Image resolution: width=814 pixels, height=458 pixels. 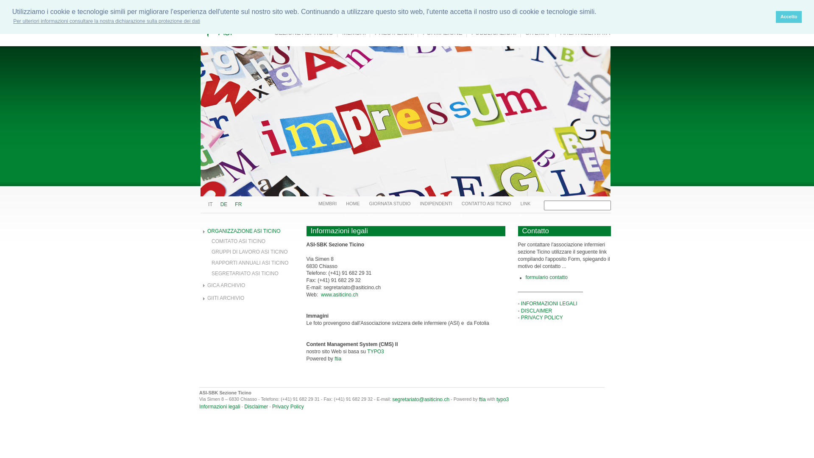 I want to click on 'DISCLAIMER', so click(x=536, y=310).